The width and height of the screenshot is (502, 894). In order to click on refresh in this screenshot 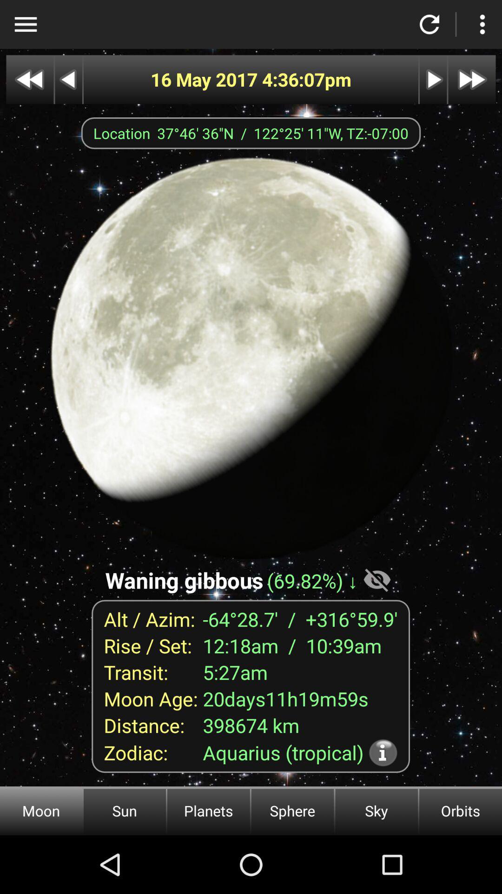, I will do `click(429, 24)`.